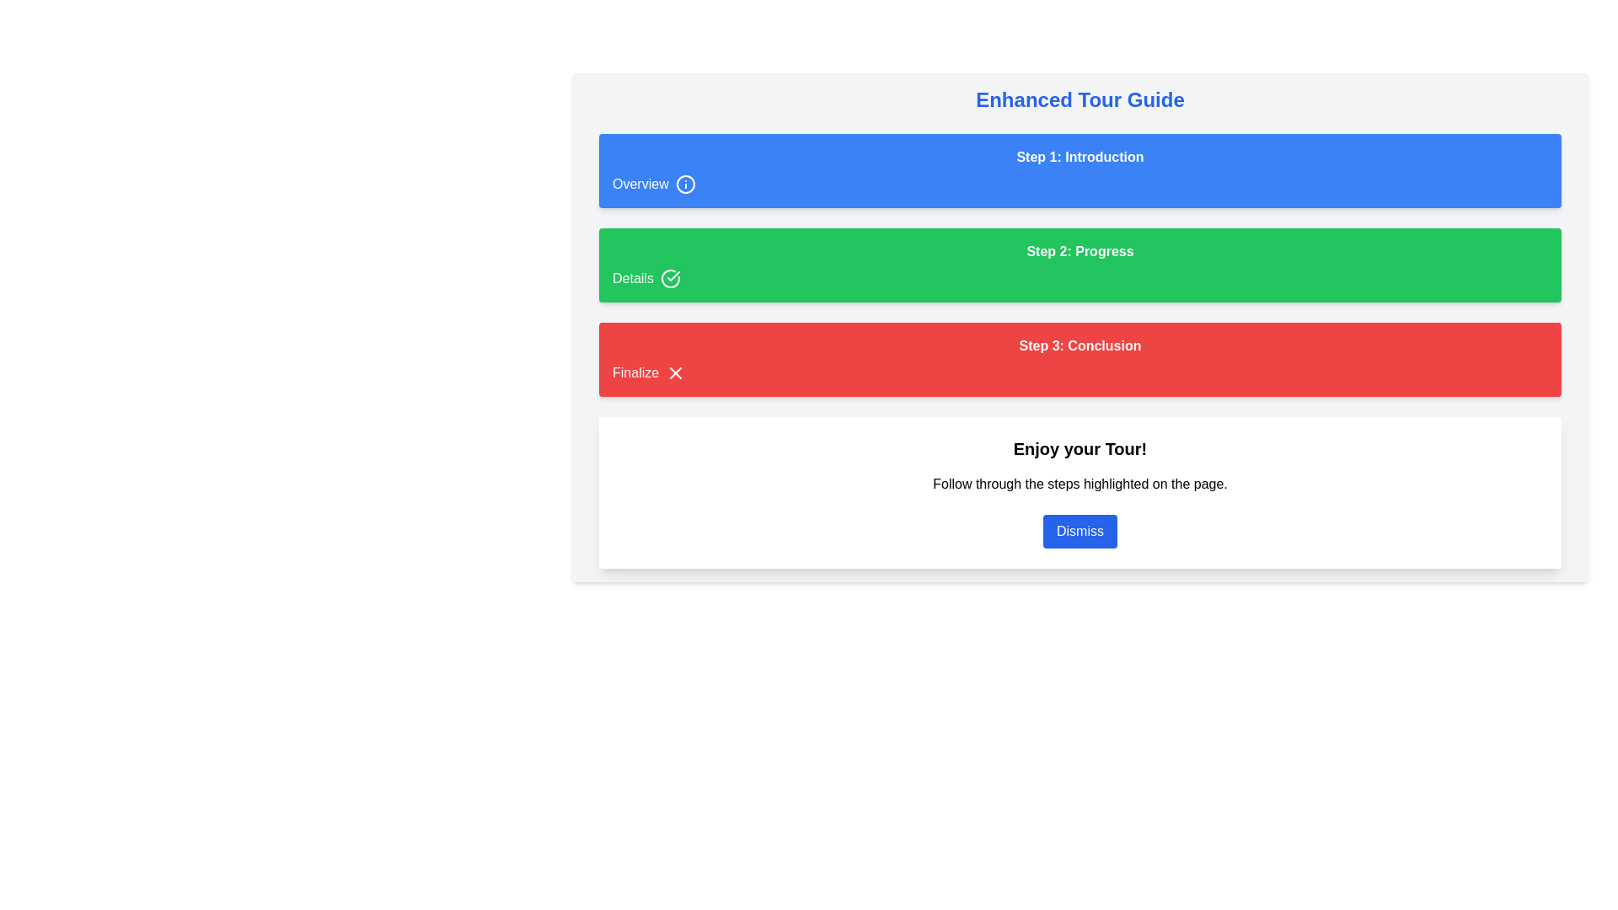 Image resolution: width=1618 pixels, height=910 pixels. What do you see at coordinates (1080, 532) in the screenshot?
I see `the dismiss button located at the bottom center of the modal that contains the title 'Enjoy your Tour!' and the description 'Follow through the steps highlighted on the page.'` at bounding box center [1080, 532].